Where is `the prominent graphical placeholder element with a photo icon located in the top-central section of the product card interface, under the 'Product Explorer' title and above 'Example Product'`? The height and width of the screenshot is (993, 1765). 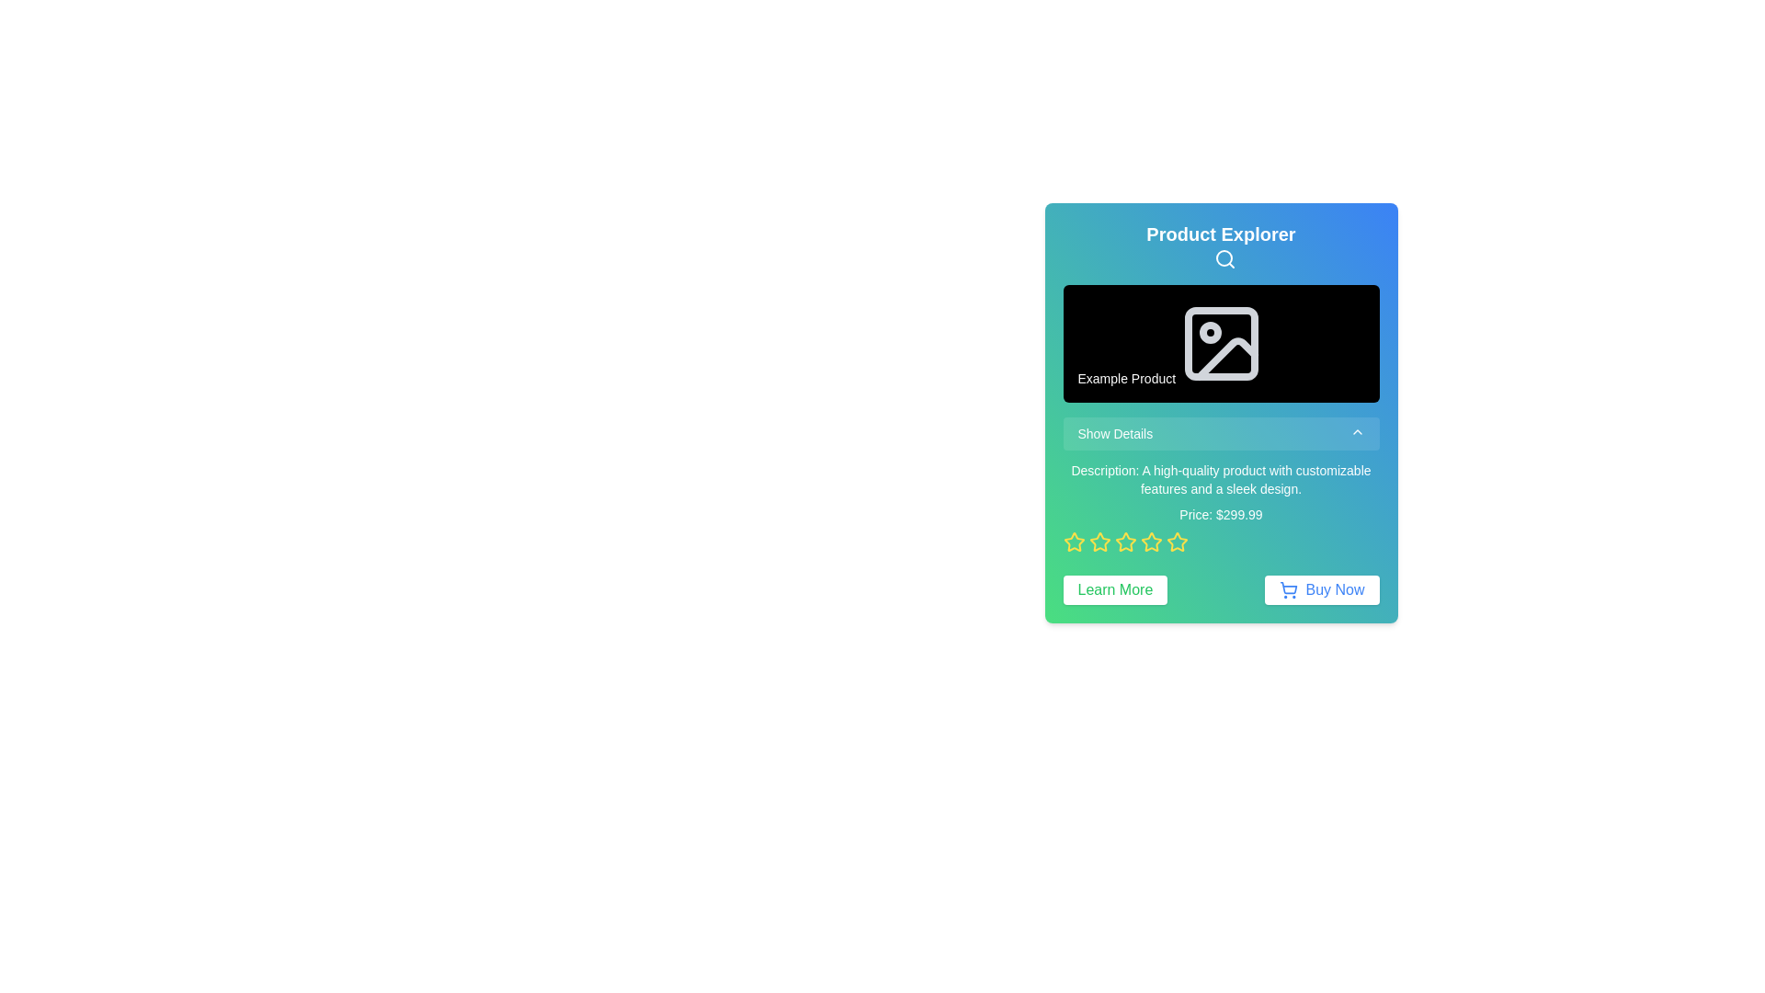
the prominent graphical placeholder element with a photo icon located in the top-central section of the product card interface, under the 'Product Explorer' title and above 'Example Product' is located at coordinates (1221, 343).